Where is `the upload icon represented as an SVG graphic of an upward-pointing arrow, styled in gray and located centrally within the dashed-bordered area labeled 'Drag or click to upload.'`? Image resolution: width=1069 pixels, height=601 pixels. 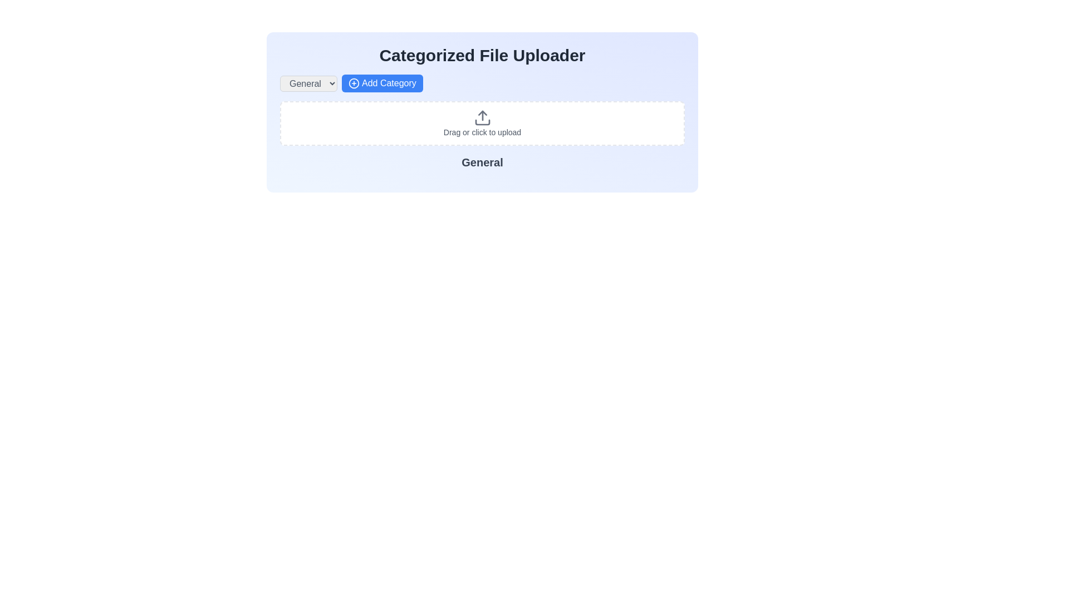 the upload icon represented as an SVG graphic of an upward-pointing arrow, styled in gray and located centrally within the dashed-bordered area labeled 'Drag or click to upload.' is located at coordinates (482, 118).